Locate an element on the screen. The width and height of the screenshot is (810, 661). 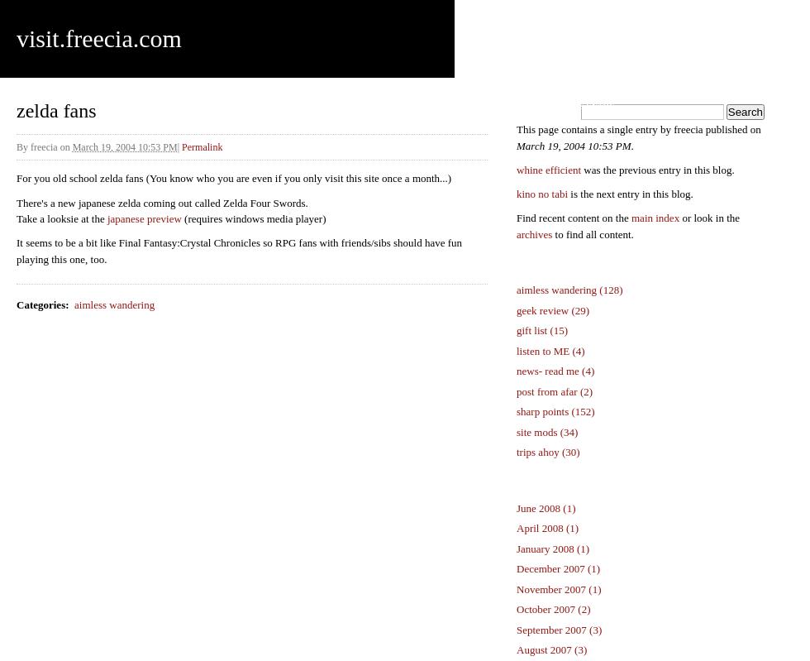
'sharp points (152)' is located at coordinates (555, 411).